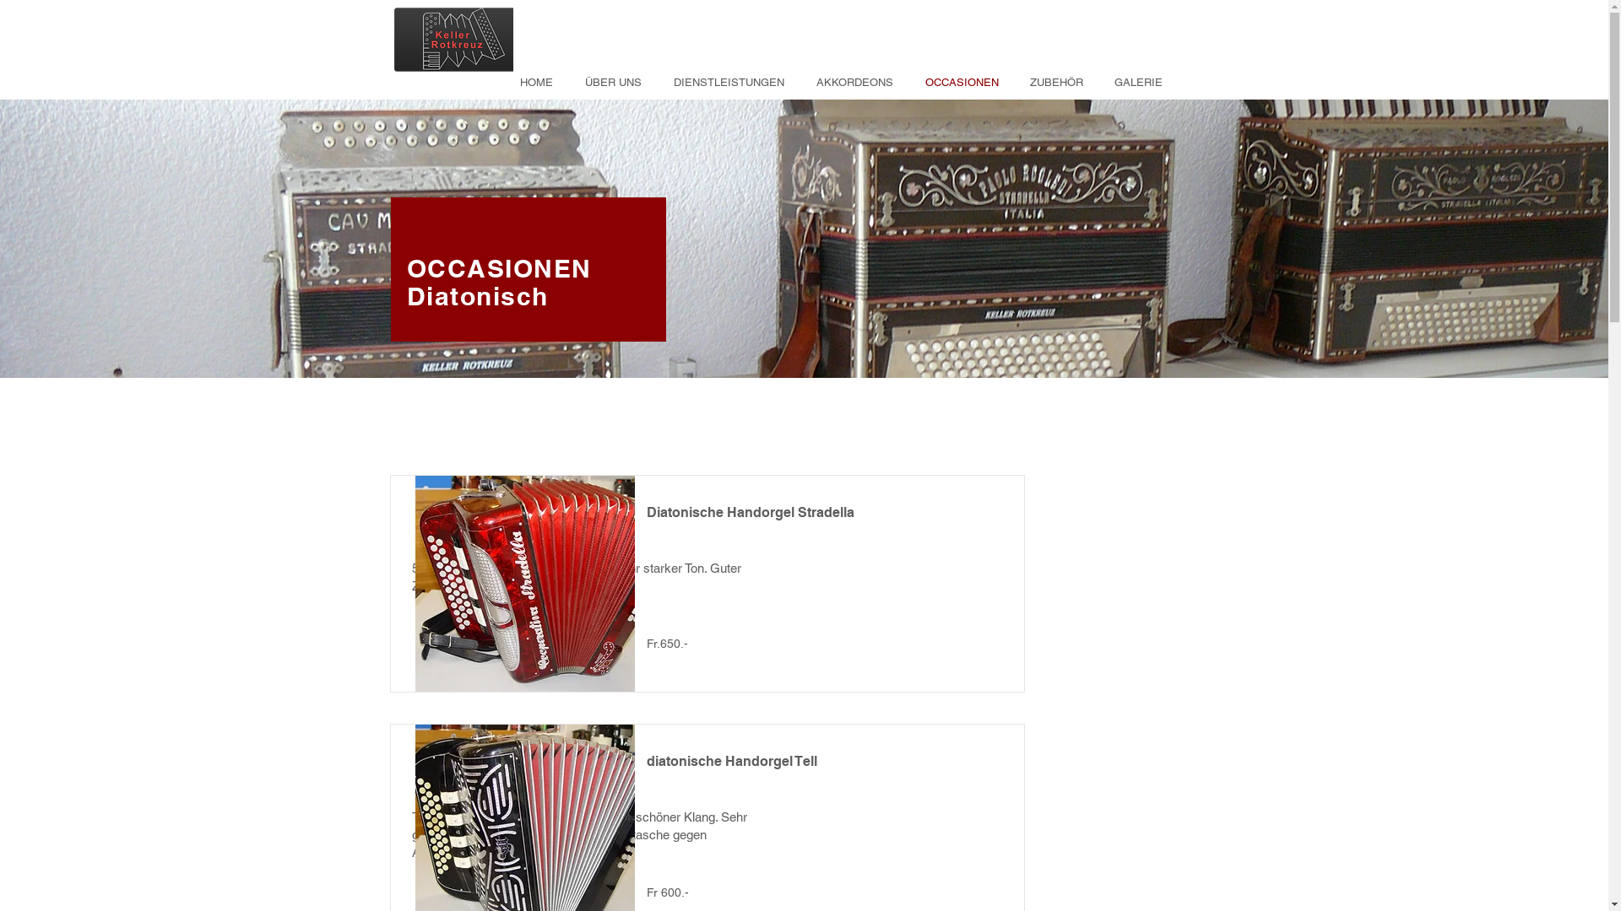 The height and width of the screenshot is (911, 1621). I want to click on 'HOME', so click(498, 82).